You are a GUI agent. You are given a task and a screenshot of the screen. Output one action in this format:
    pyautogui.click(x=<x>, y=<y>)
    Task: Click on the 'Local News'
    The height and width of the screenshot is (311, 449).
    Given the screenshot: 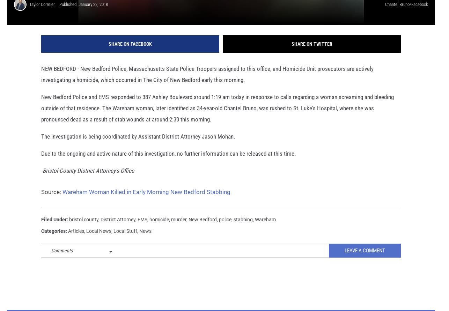 What is the action you would take?
    pyautogui.click(x=99, y=240)
    